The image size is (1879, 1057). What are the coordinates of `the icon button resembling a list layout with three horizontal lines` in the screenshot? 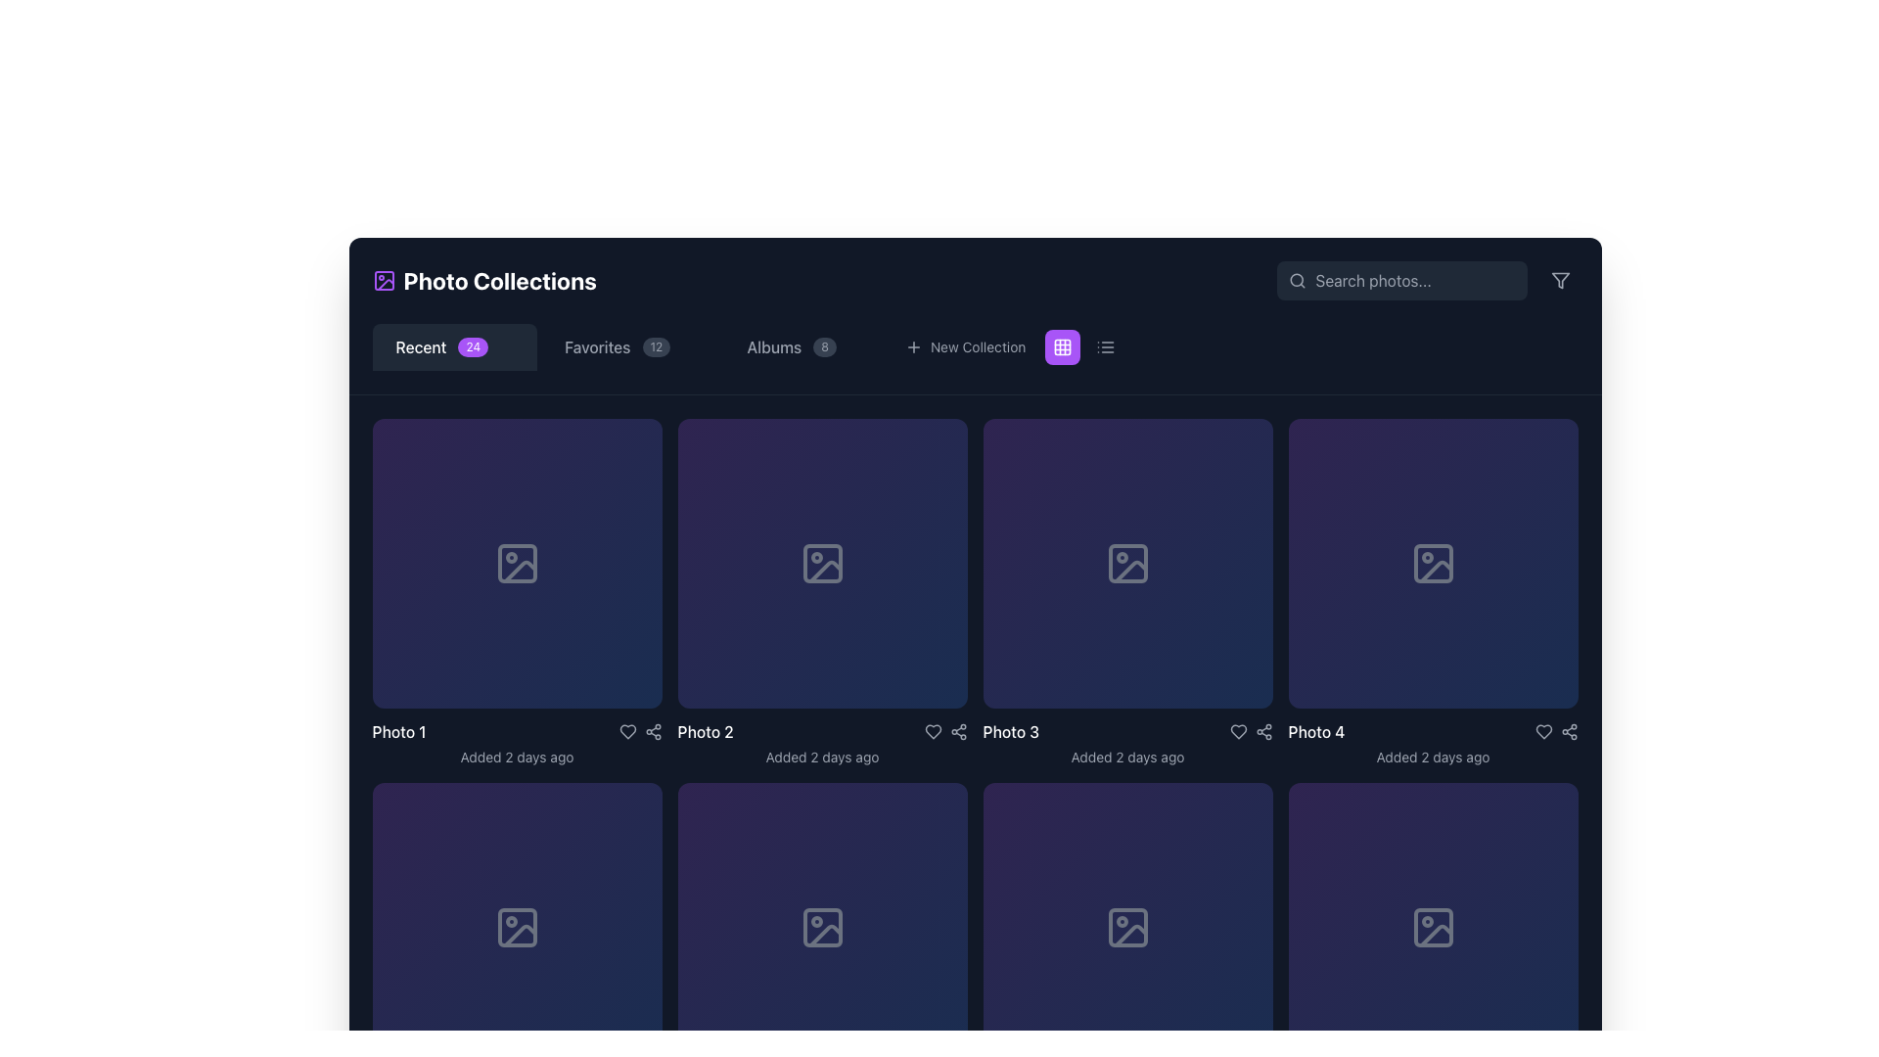 It's located at (1106, 345).